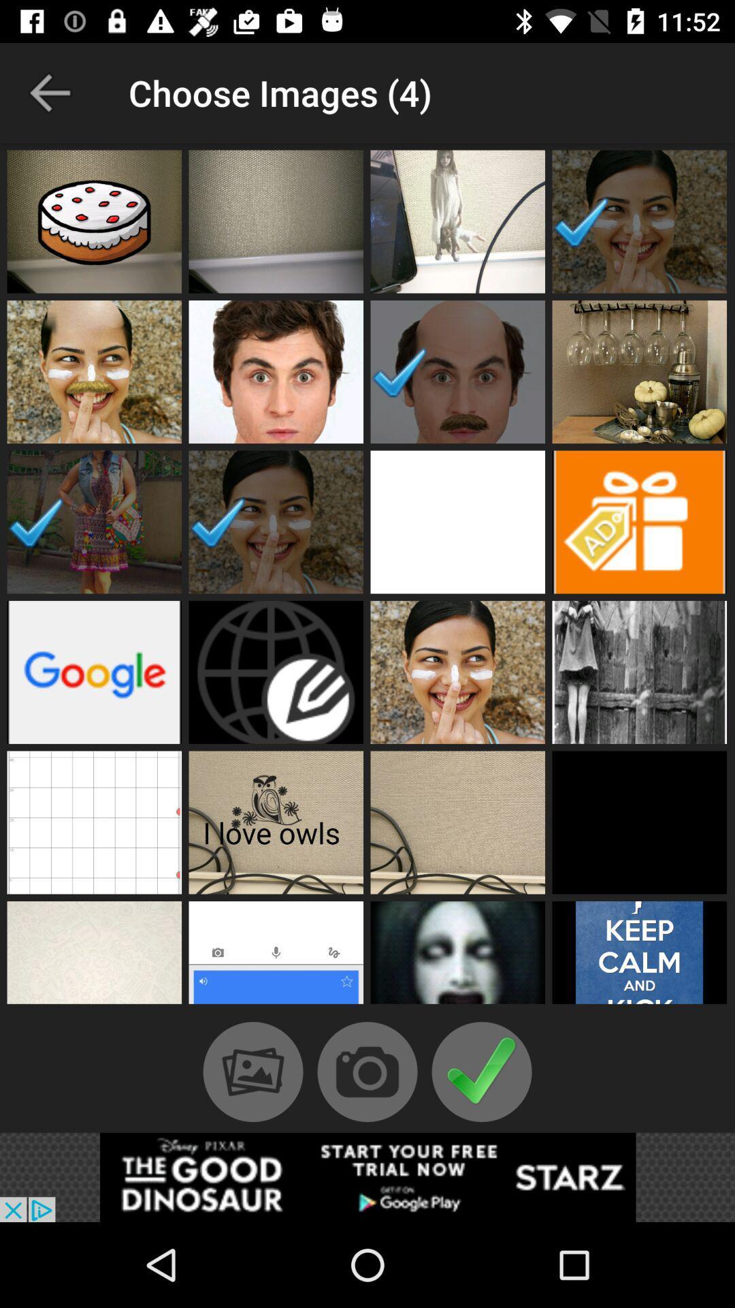 Image resolution: width=735 pixels, height=1308 pixels. Describe the element at coordinates (457, 372) in the screenshot. I see `ateno para imagem do homem` at that location.